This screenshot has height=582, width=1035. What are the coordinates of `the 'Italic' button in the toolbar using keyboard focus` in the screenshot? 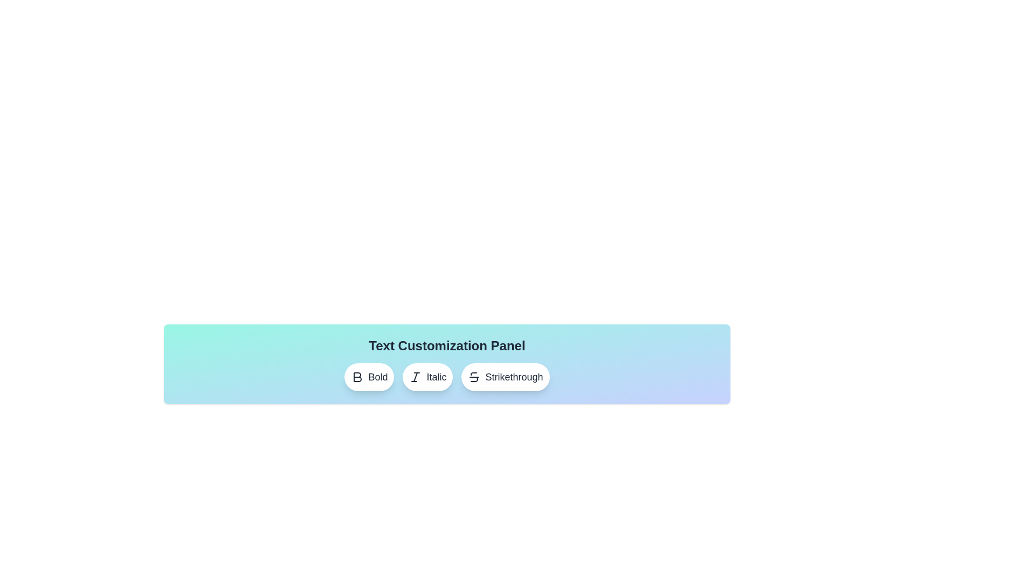 It's located at (437, 376).